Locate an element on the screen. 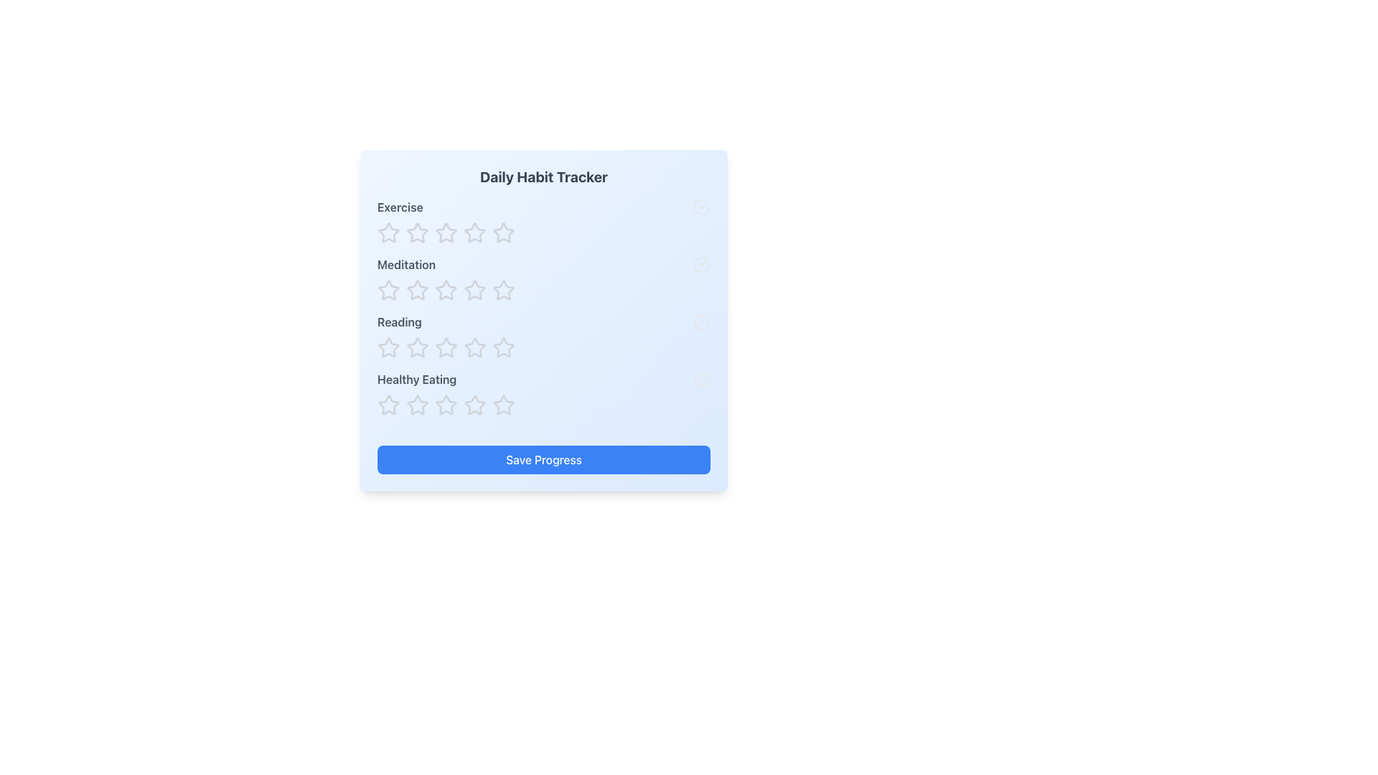  the first star-shaped icon in the row under the 'Exercise' label in the 'Daily Habit Tracker' section to rate it is located at coordinates (416, 232).